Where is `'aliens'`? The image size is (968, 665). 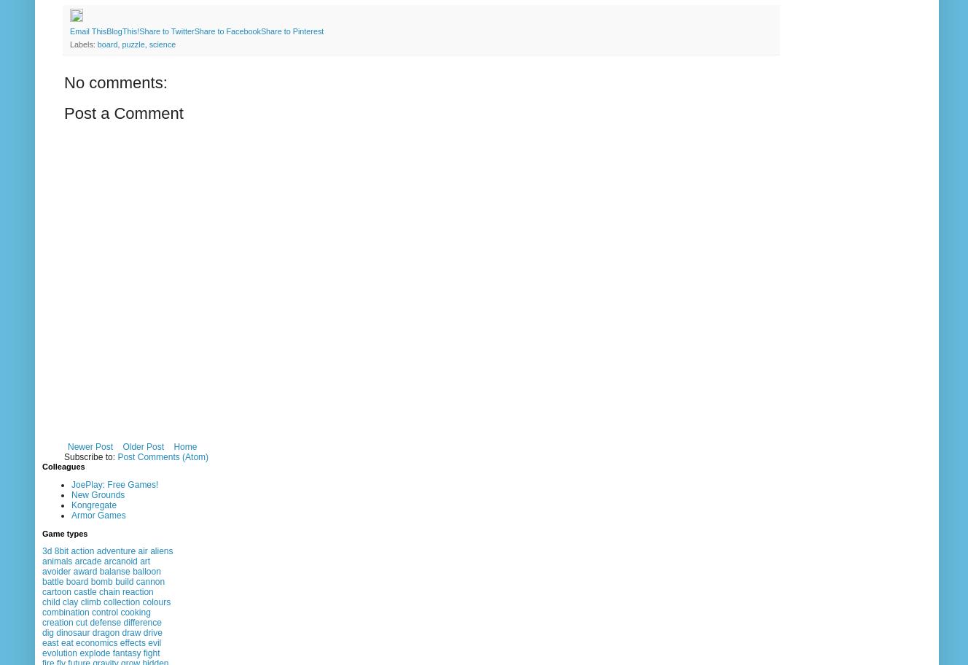
'aliens' is located at coordinates (161, 550).